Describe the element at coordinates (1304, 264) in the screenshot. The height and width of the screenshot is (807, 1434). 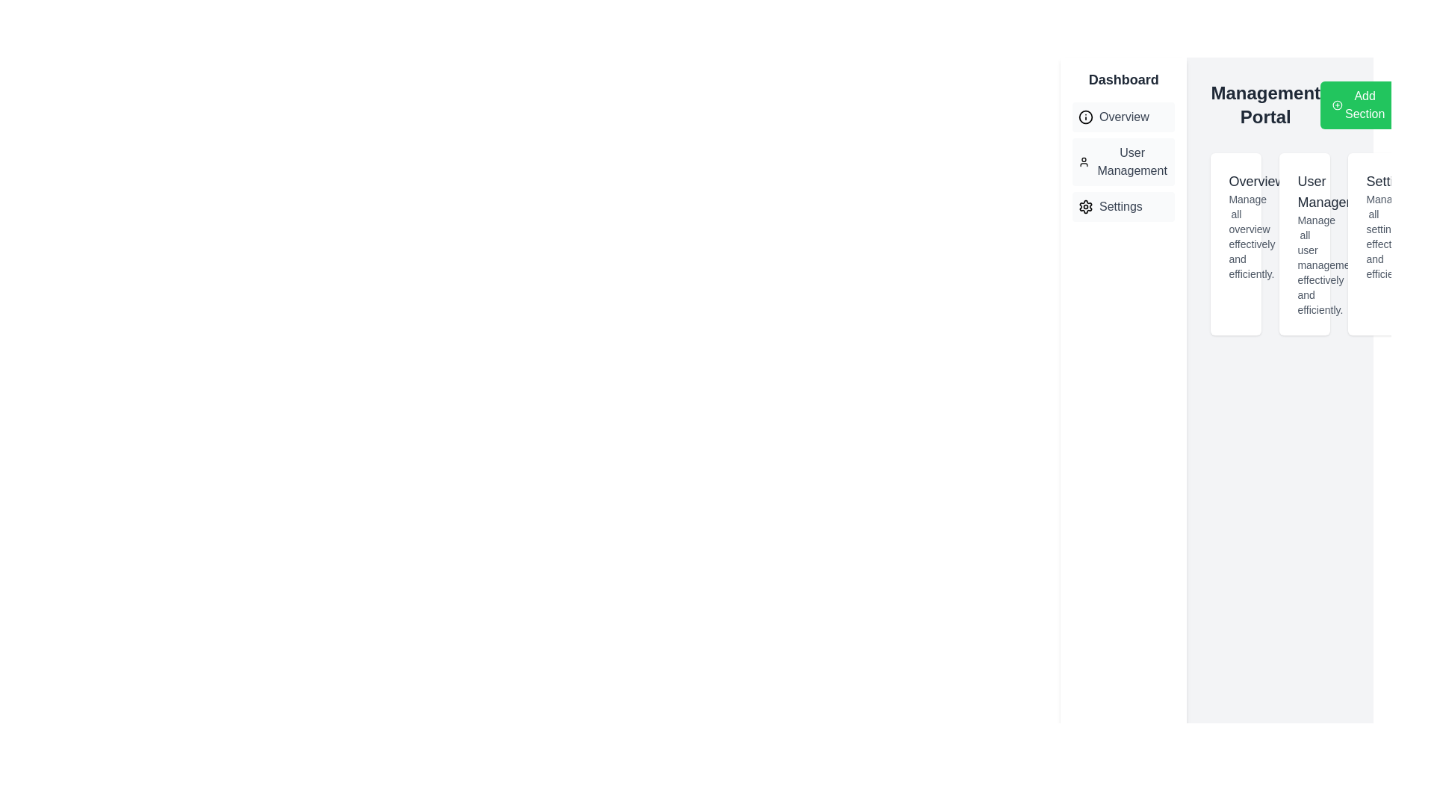
I see `the descriptive text labeled 'Manage all user management effectively and efficiently.' located beneath the title 'User Management' in the 'Management Portal' section` at that location.